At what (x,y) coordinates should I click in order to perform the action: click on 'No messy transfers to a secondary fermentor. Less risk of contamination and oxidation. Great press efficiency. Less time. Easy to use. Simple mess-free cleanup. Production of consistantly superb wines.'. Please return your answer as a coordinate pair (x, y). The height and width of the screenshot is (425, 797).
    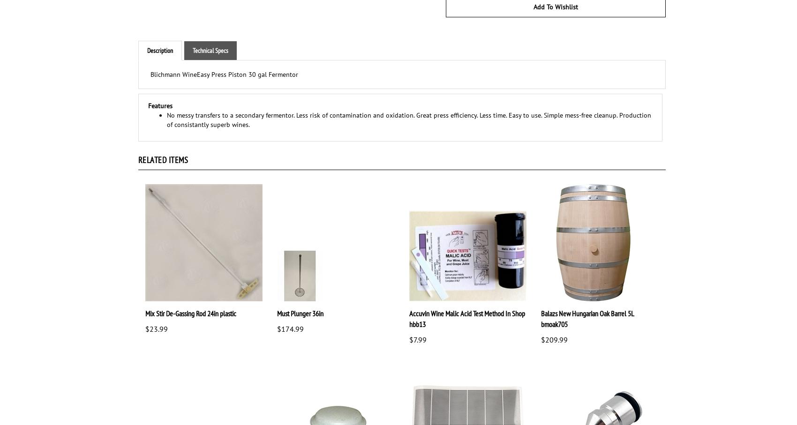
    Looking at the image, I should click on (409, 119).